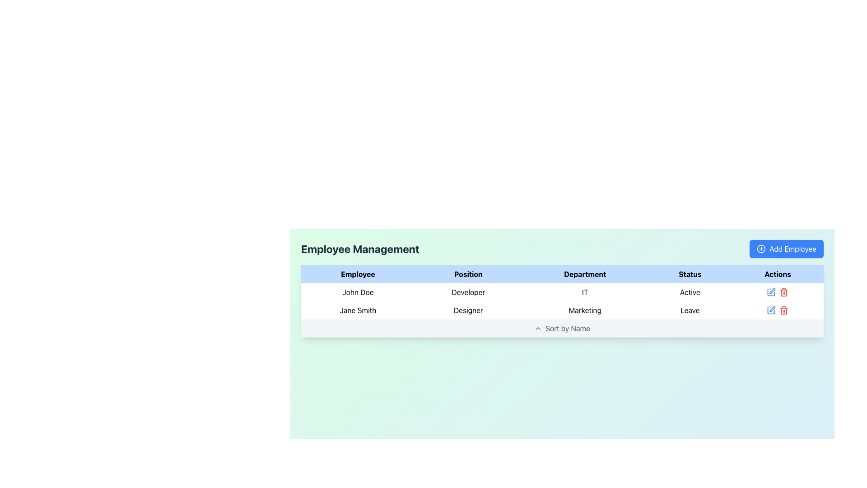 This screenshot has width=867, height=488. Describe the element at coordinates (777, 292) in the screenshot. I see `the red delete icon in the 'Actions' column of the first row for employee 'John Doe'` at that location.